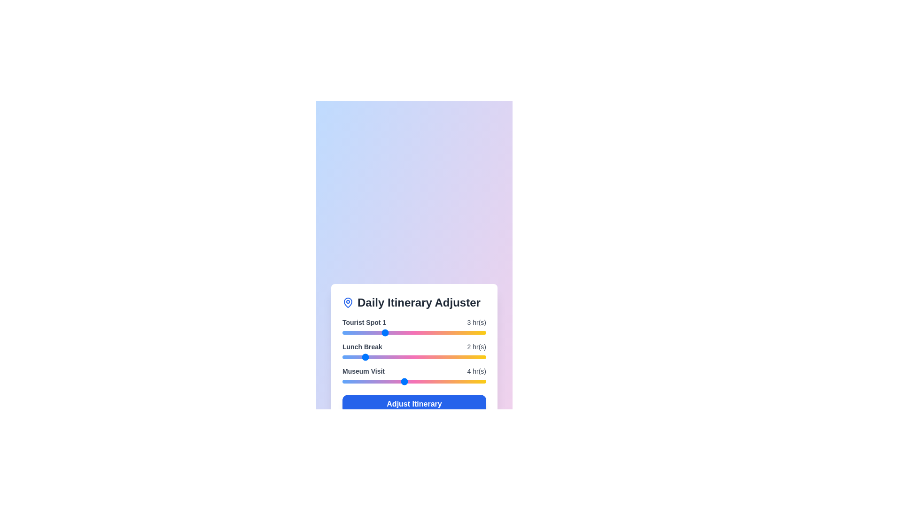 The height and width of the screenshot is (507, 902). Describe the element at coordinates (414, 403) in the screenshot. I see `'Adjust Itinerary' button to confirm the changes` at that location.